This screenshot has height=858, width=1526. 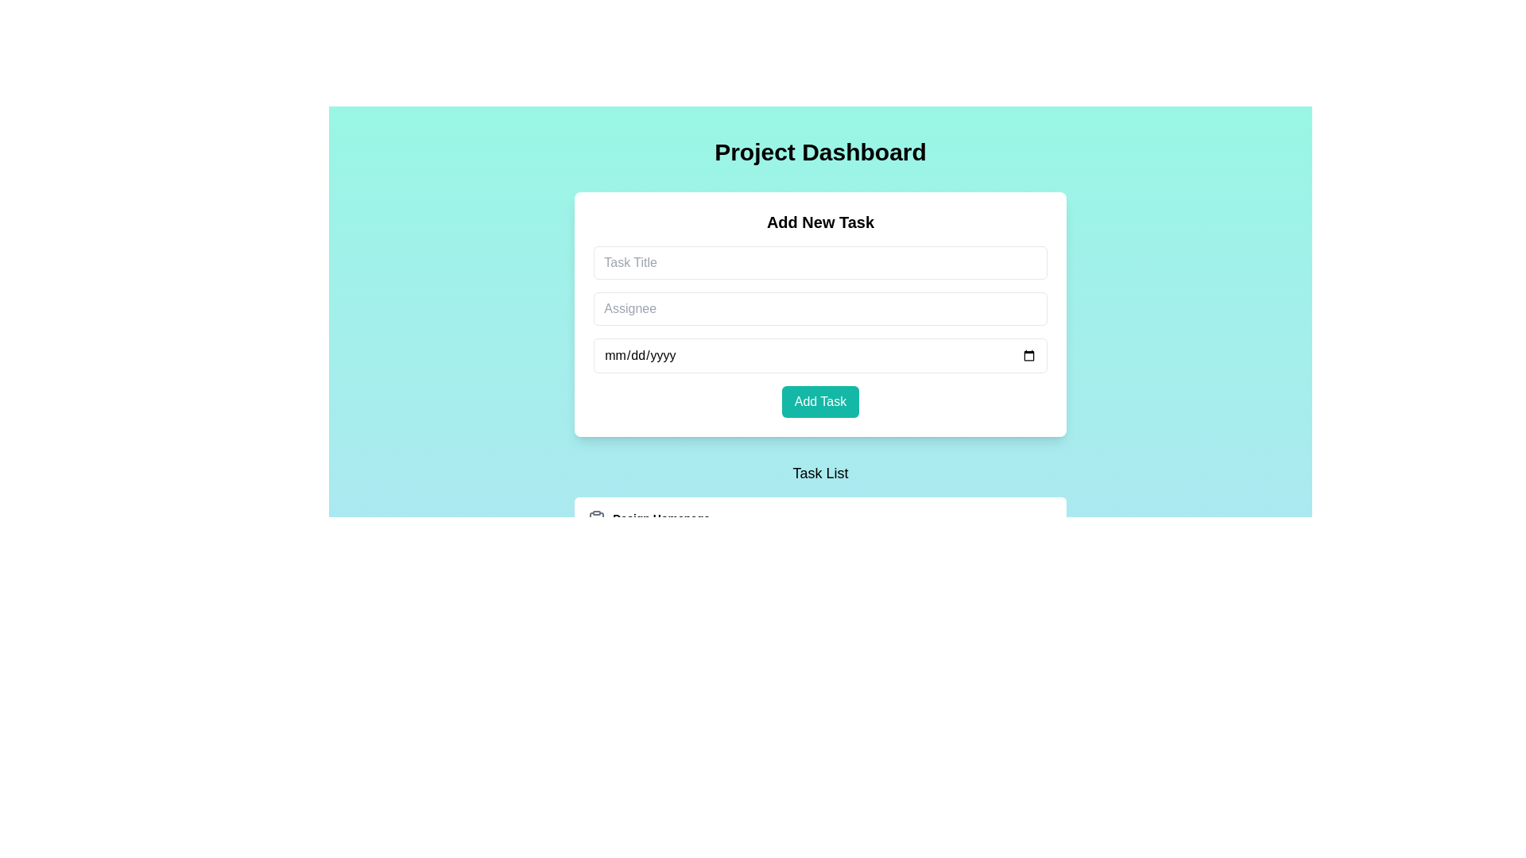 I want to click on the task information for the item displaying 'Design Homepage Alex Due: 2023-10-15', located in the top left corner of a task item block, so click(x=649, y=538).